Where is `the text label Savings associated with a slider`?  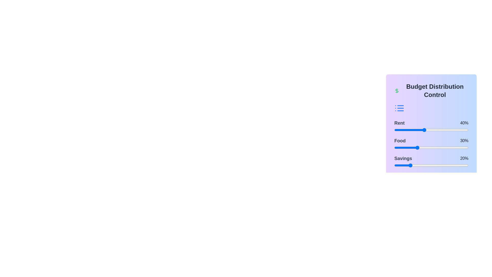
the text label Savings associated with a slider is located at coordinates (403, 158).